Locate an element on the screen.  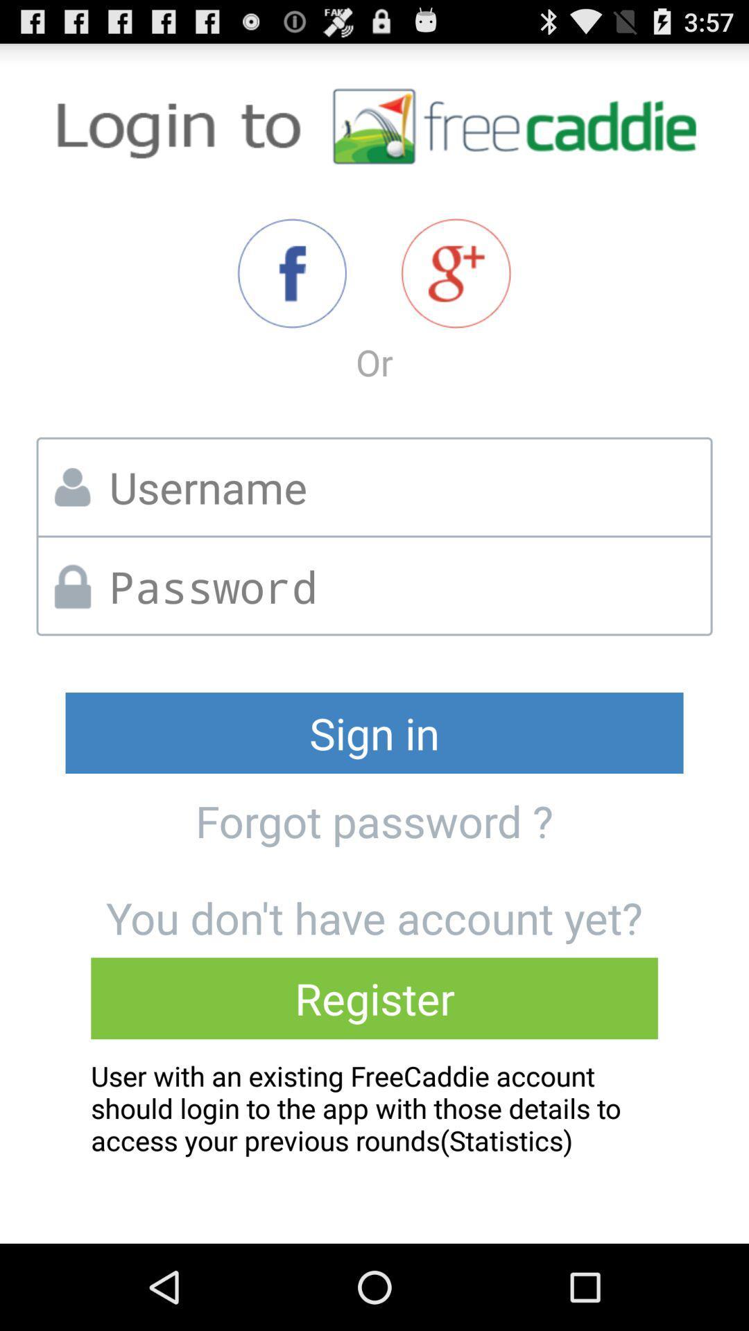
password is located at coordinates (405, 586).